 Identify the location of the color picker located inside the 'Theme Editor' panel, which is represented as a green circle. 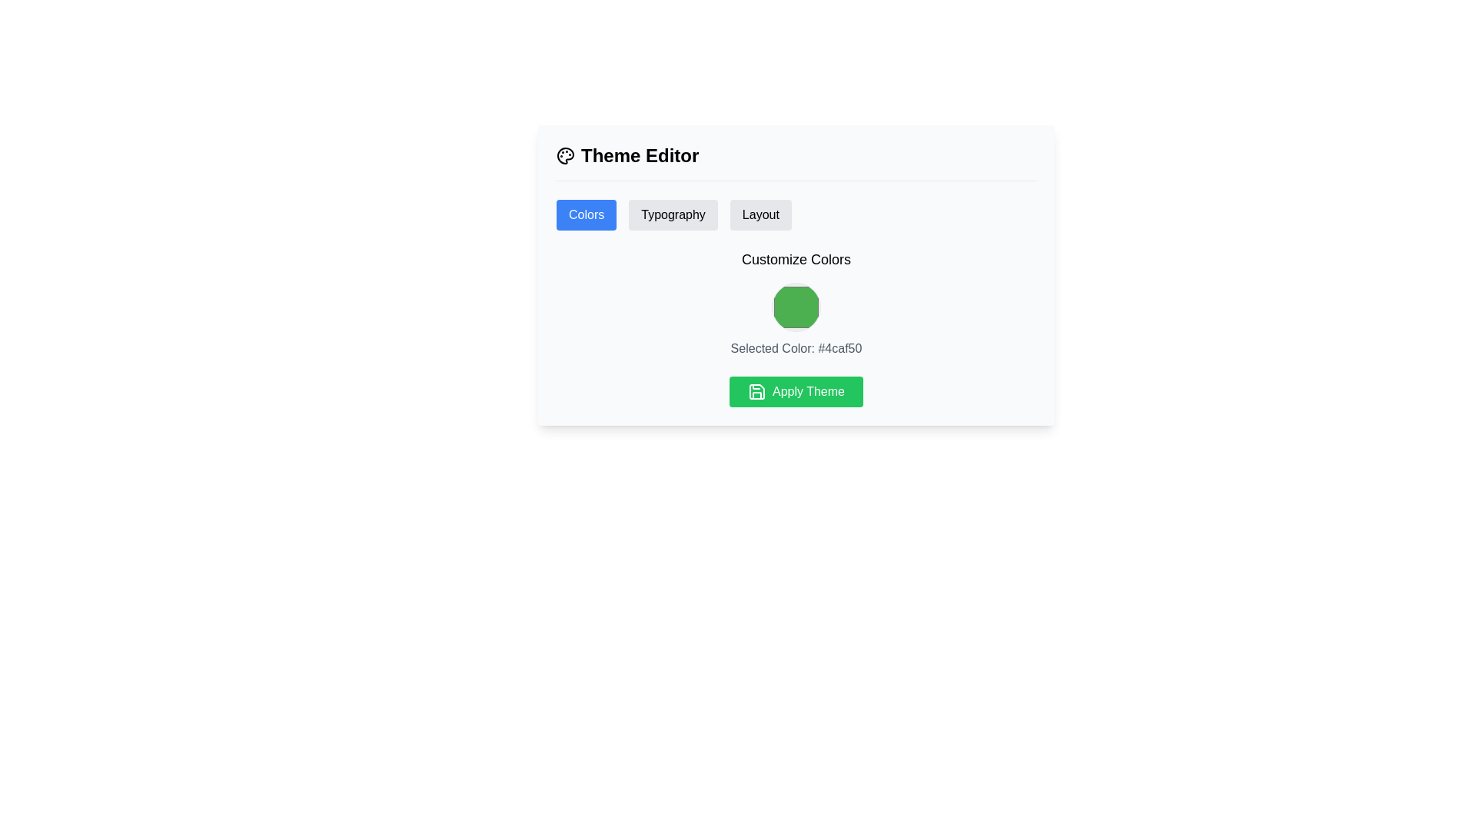
(796, 274).